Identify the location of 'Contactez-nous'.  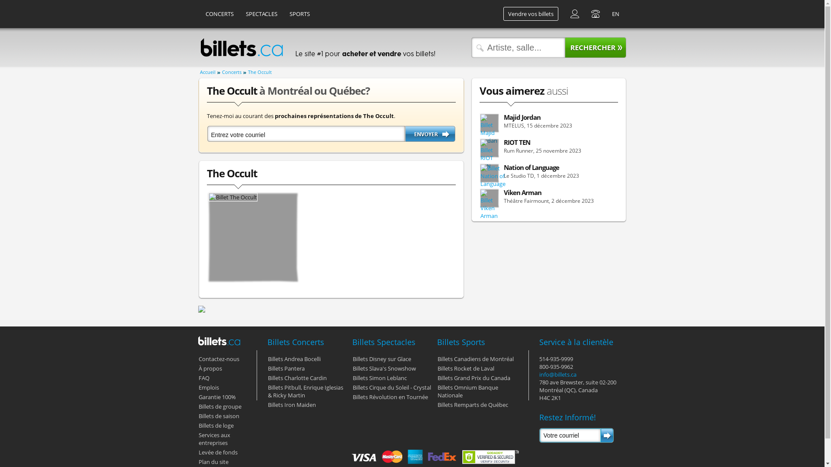
(218, 358).